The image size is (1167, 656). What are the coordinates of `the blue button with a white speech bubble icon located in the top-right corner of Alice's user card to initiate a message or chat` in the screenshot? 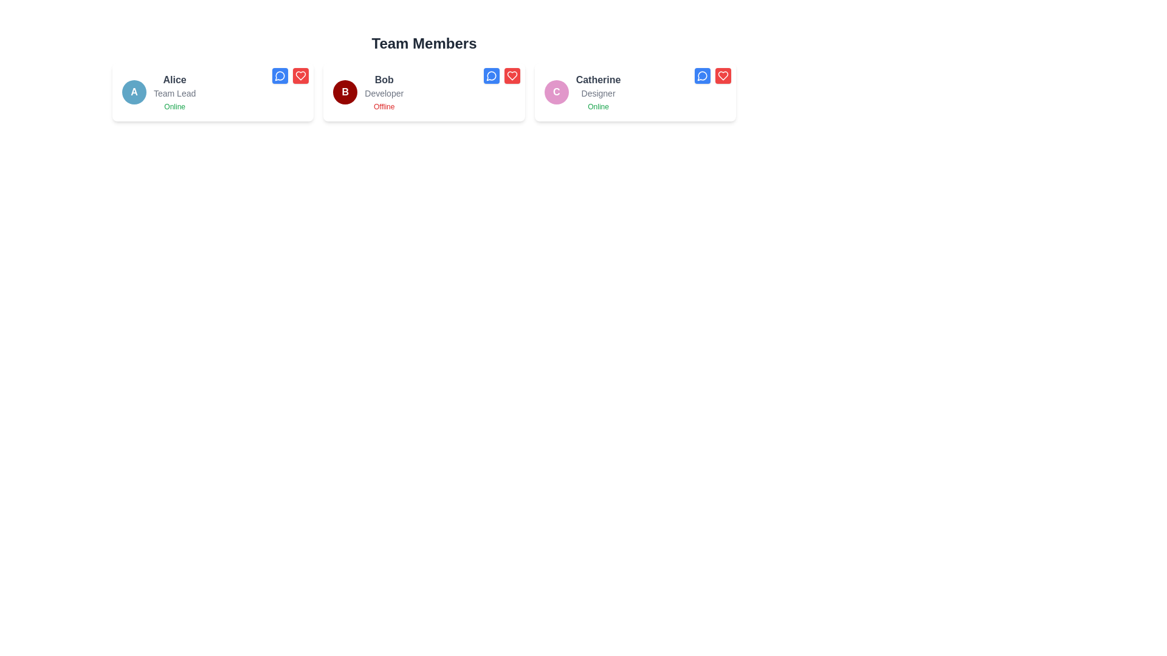 It's located at (280, 75).